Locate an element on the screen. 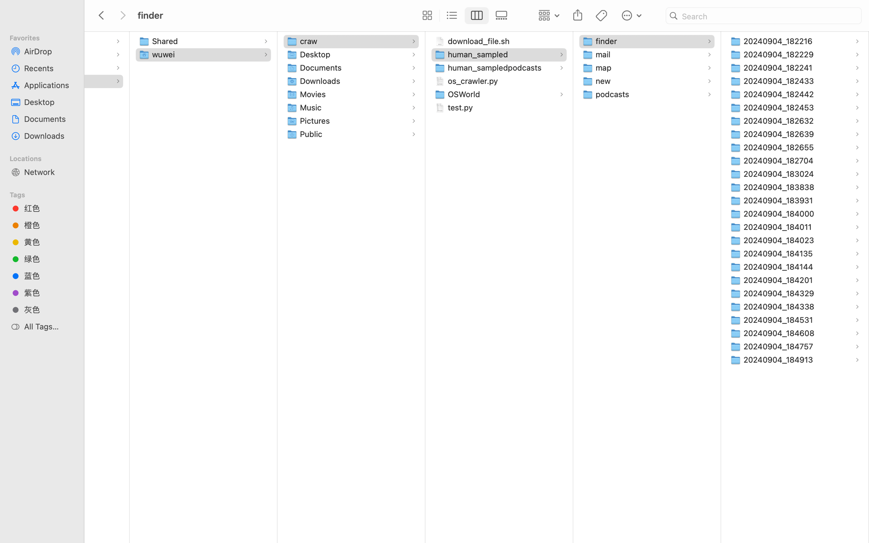  '<AXUIElement 0x150118140> {pid=510}' is located at coordinates (464, 16).